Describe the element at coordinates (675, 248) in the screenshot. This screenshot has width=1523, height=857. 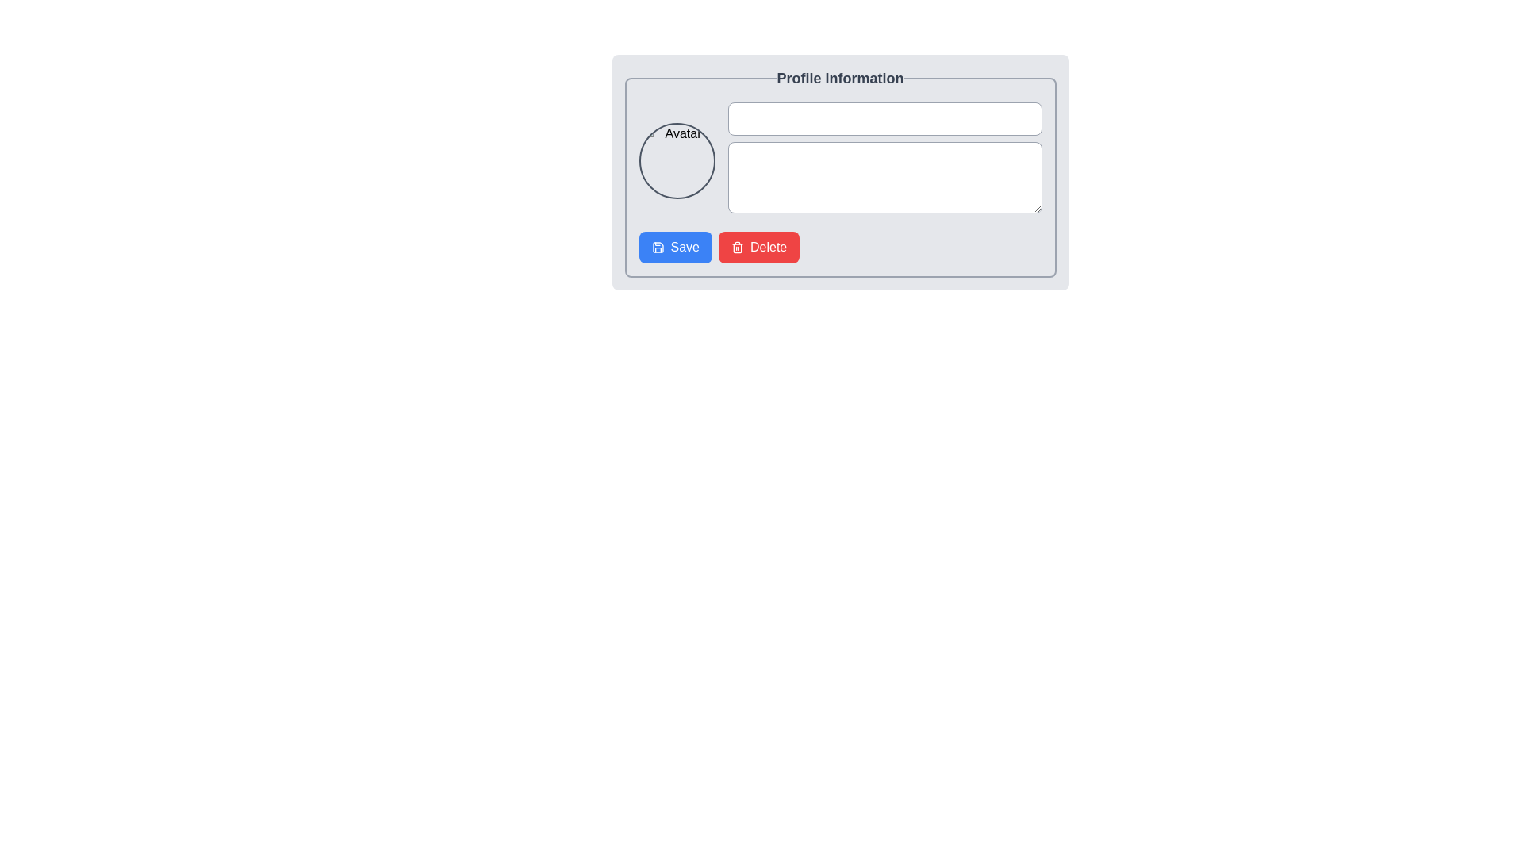
I see `the 'Save' button located in the 'Profile Information' section` at that location.